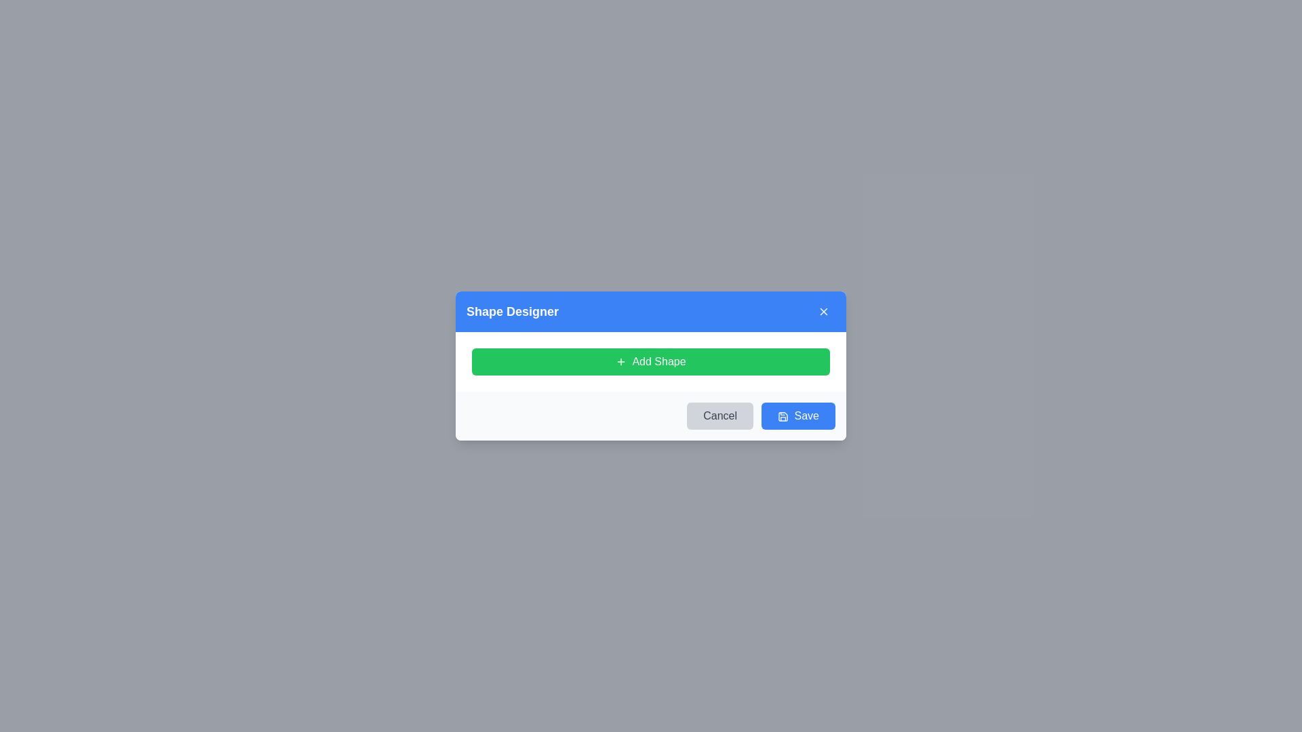  I want to click on the 'Add Shape' button in the 'Shape Designer' dialog, so click(651, 361).